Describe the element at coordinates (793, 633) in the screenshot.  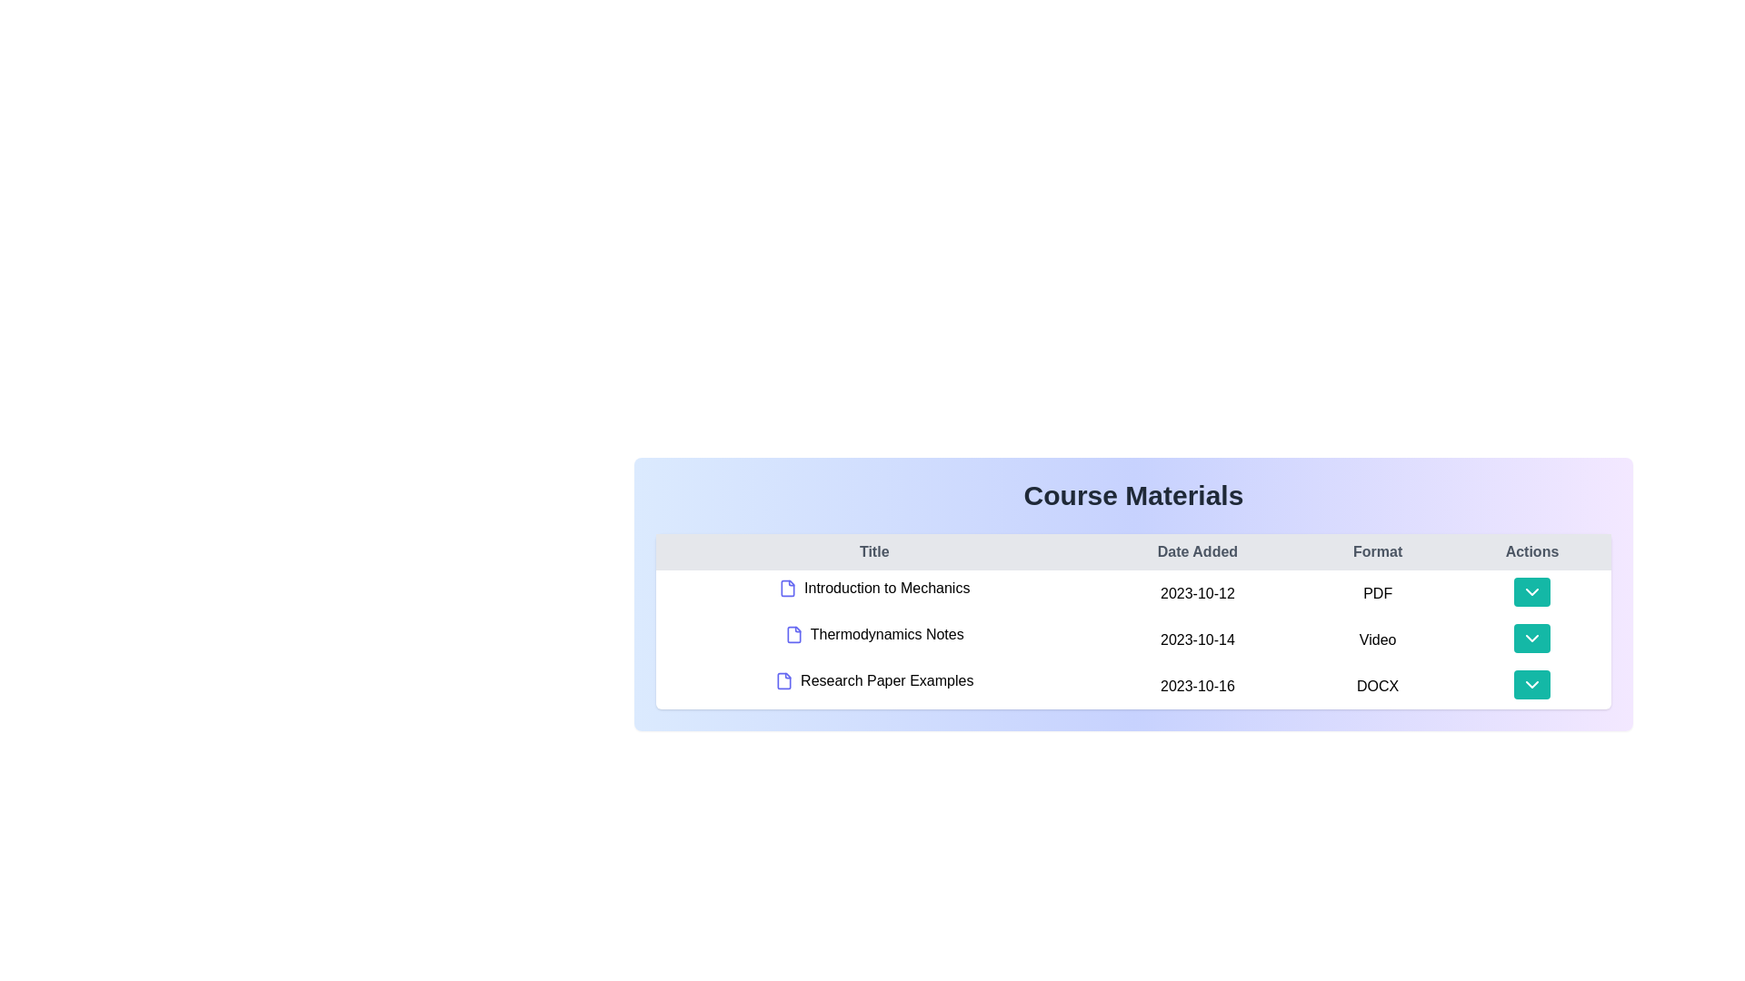
I see `the document icon representing 'Thermodynamics Notes'` at that location.